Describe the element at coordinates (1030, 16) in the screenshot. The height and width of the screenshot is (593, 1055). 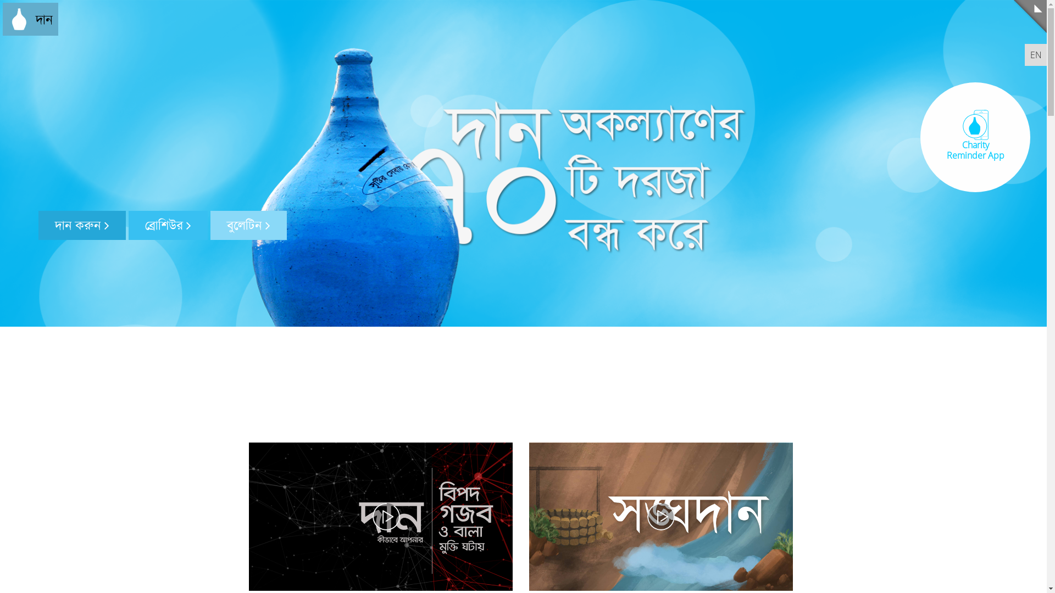
I see `'Menu'` at that location.